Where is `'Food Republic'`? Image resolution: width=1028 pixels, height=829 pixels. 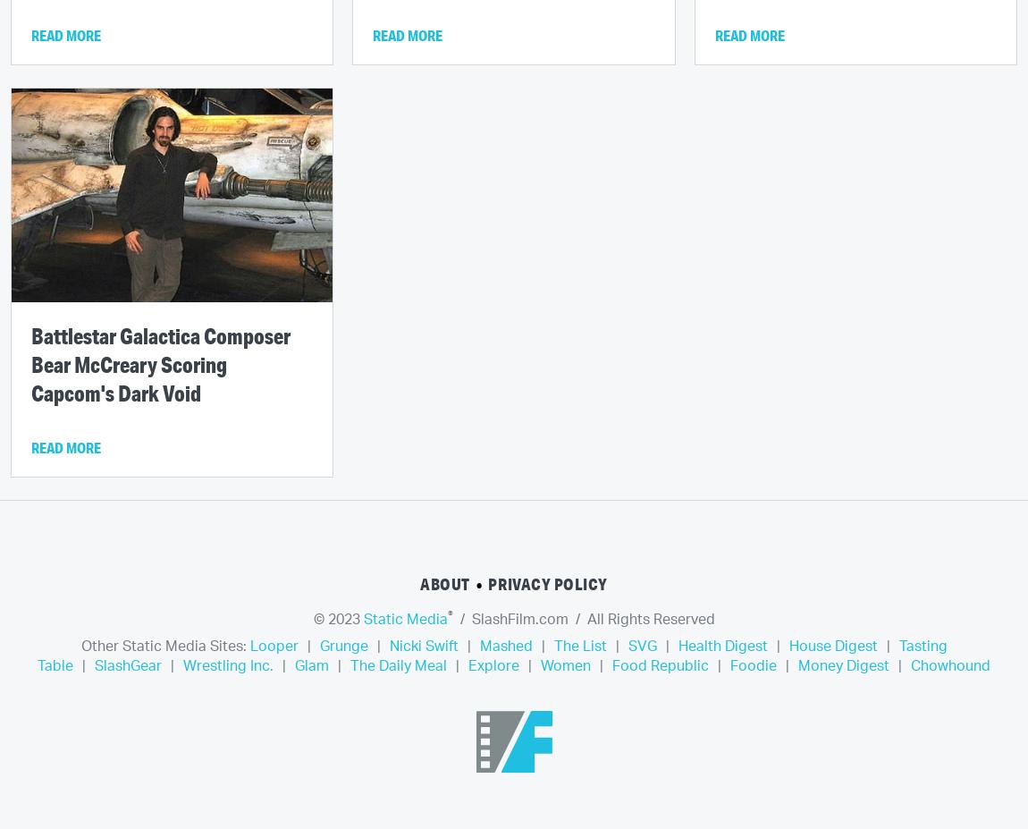 'Food Republic' is located at coordinates (659, 665).